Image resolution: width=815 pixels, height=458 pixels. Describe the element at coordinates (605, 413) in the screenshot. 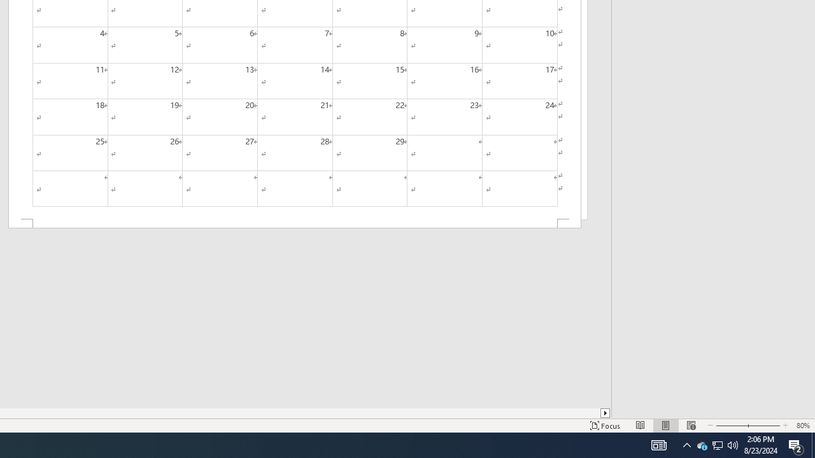

I see `'Column right'` at that location.